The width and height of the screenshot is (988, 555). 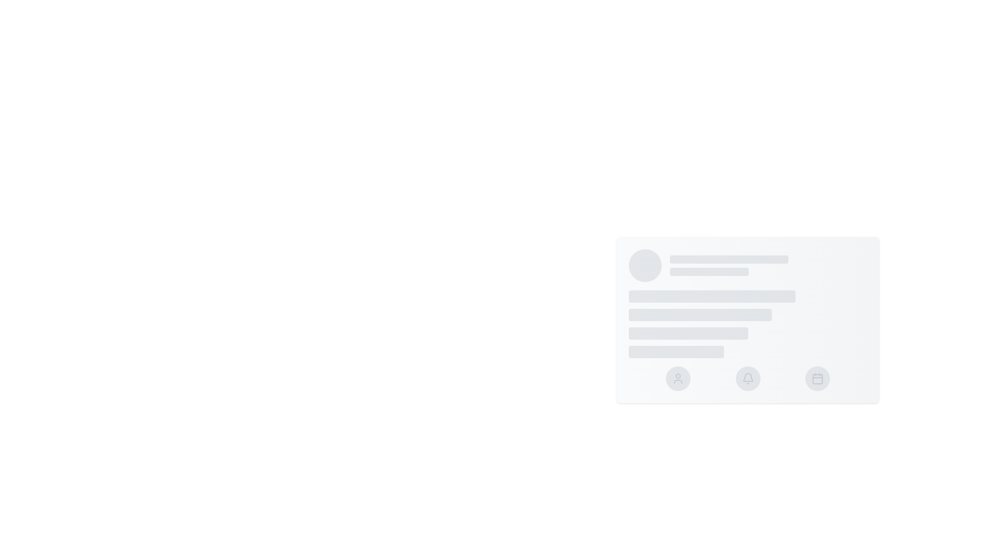 What do you see at coordinates (748, 377) in the screenshot?
I see `the notification bell icon, which signifies alerts or updates, located at the center-bottom of the card-like interface` at bounding box center [748, 377].